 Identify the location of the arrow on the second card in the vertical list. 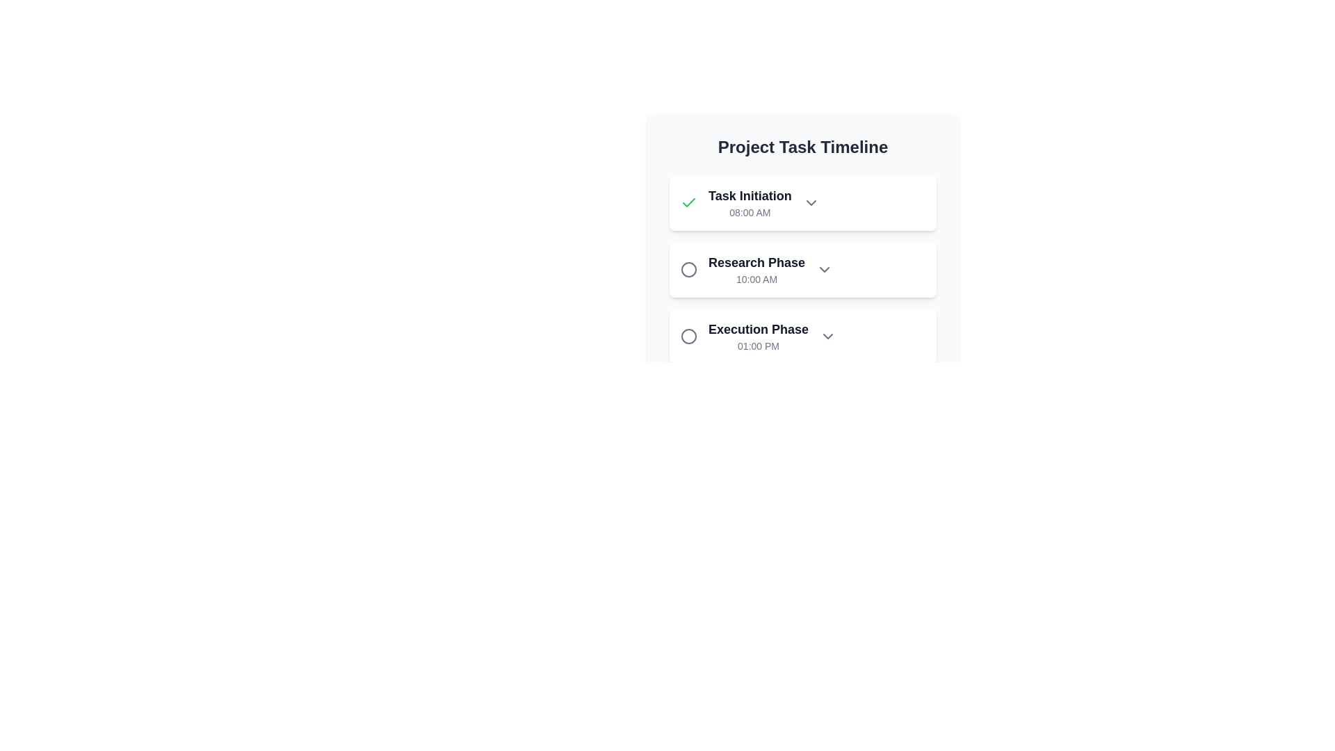
(803, 249).